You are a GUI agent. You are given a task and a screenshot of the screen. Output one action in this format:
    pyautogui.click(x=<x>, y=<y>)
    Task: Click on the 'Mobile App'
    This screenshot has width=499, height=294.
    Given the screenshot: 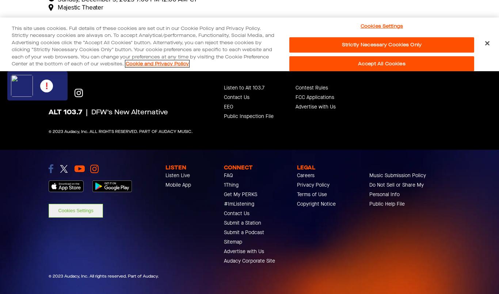 What is the action you would take?
    pyautogui.click(x=178, y=185)
    